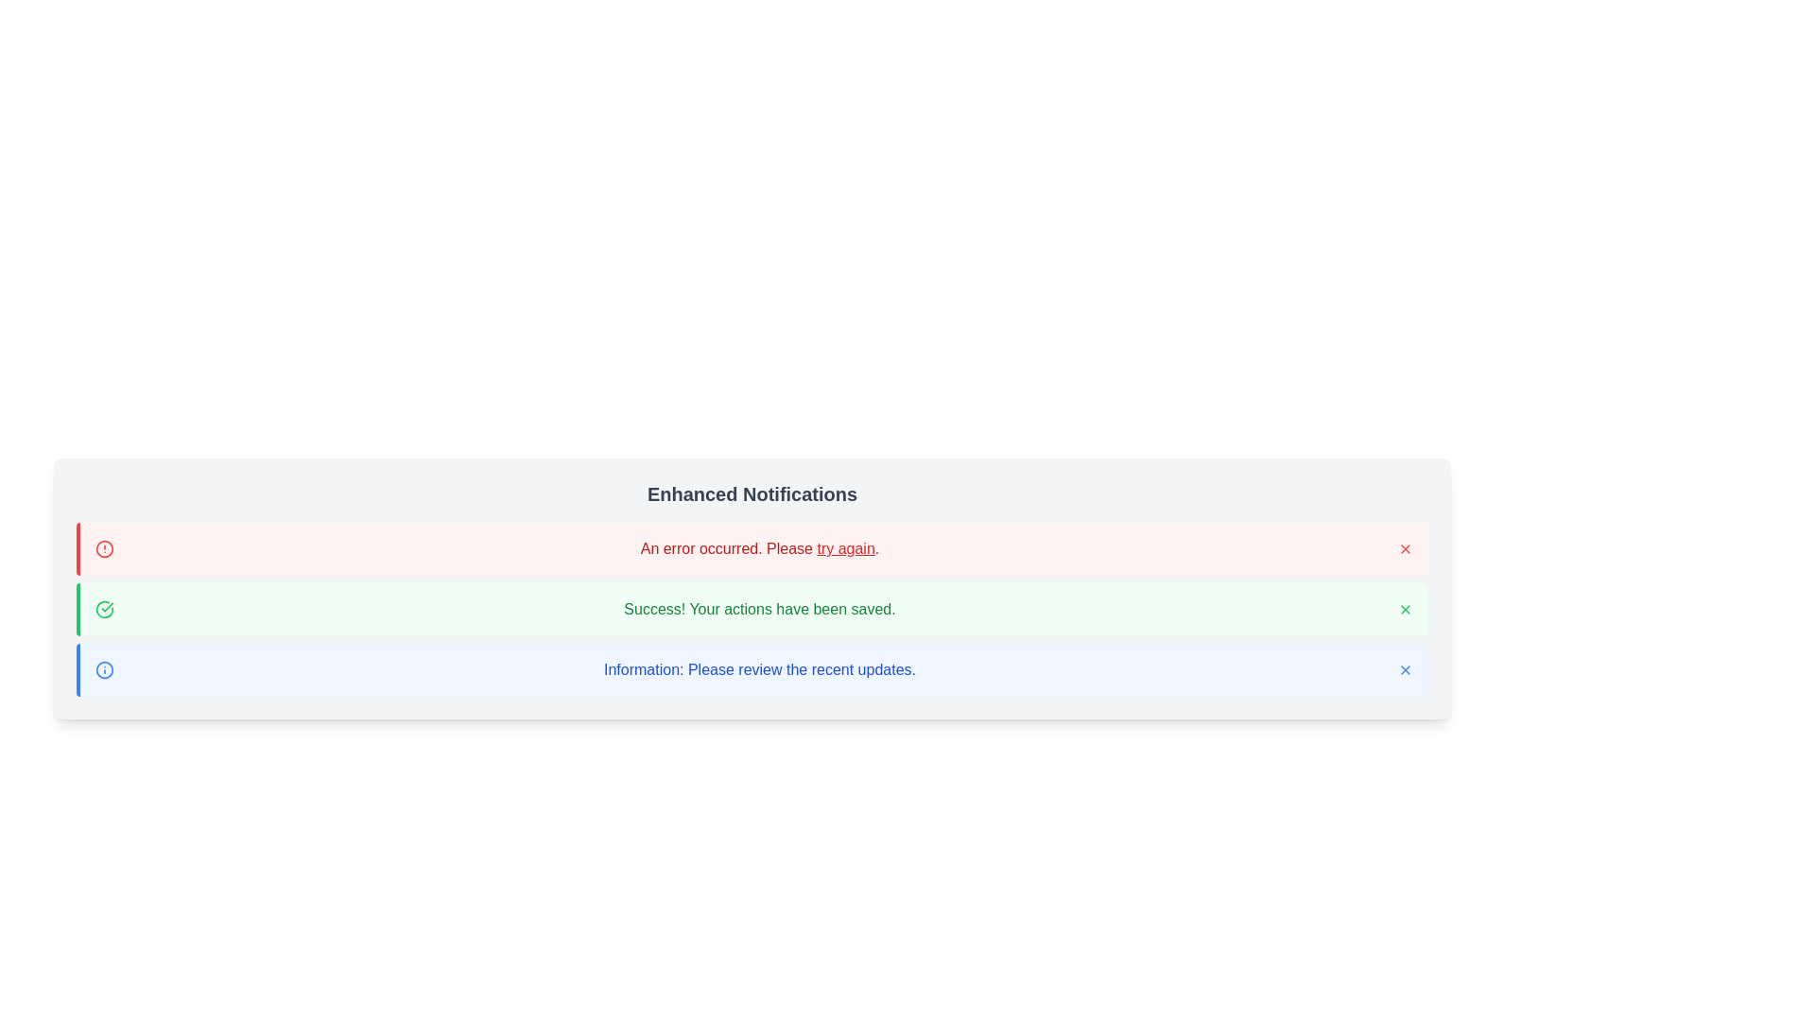 The width and height of the screenshot is (1815, 1021). What do you see at coordinates (103, 549) in the screenshot?
I see `the circular SVG icon with a red border and white background, located within the notification section next to the error message 'An error occurred. Please try again.'` at bounding box center [103, 549].